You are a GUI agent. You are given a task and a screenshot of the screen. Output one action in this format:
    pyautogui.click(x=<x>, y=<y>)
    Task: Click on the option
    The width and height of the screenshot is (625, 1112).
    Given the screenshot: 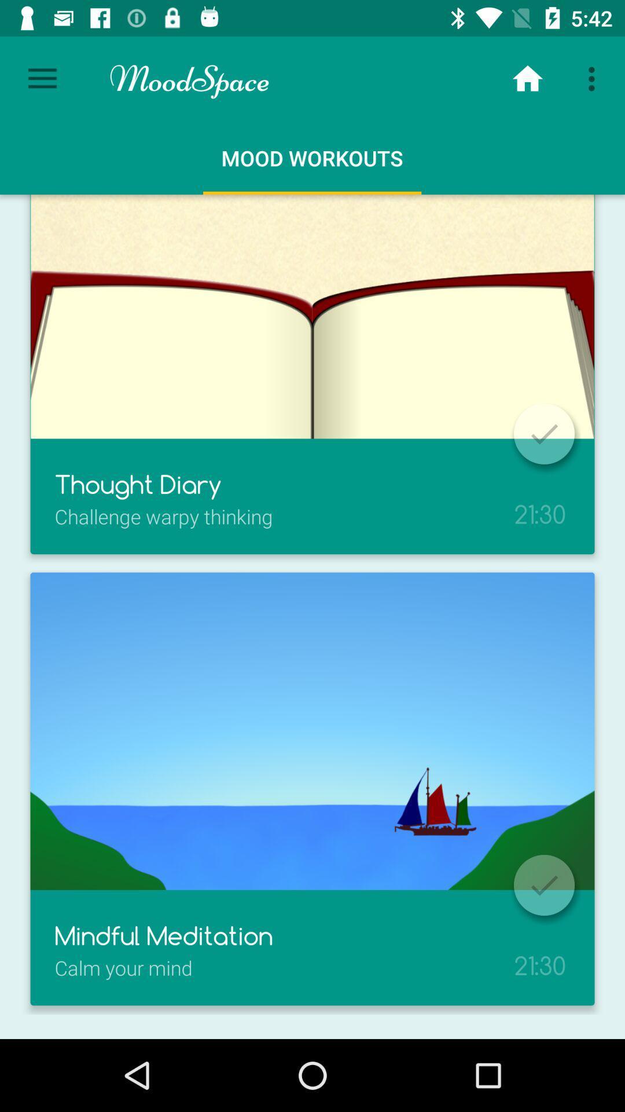 What is the action you would take?
    pyautogui.click(x=544, y=884)
    